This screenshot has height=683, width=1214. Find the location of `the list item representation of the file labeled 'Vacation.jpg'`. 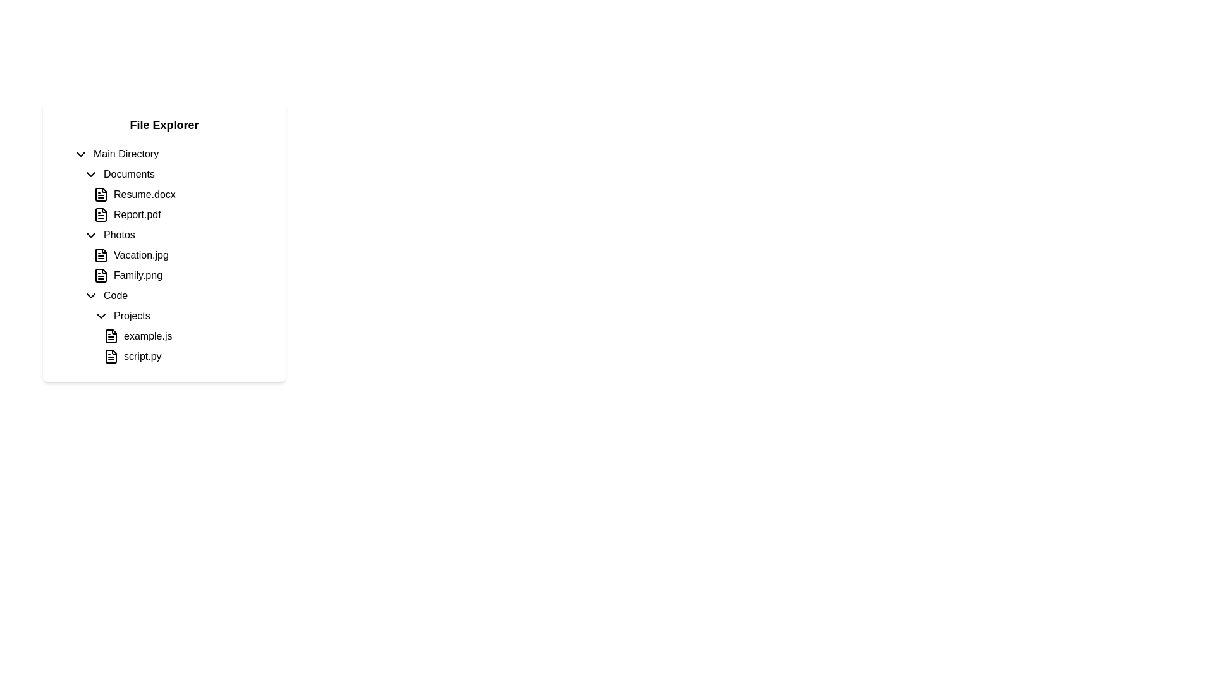

the list item representation of the file labeled 'Vacation.jpg' is located at coordinates (169, 255).